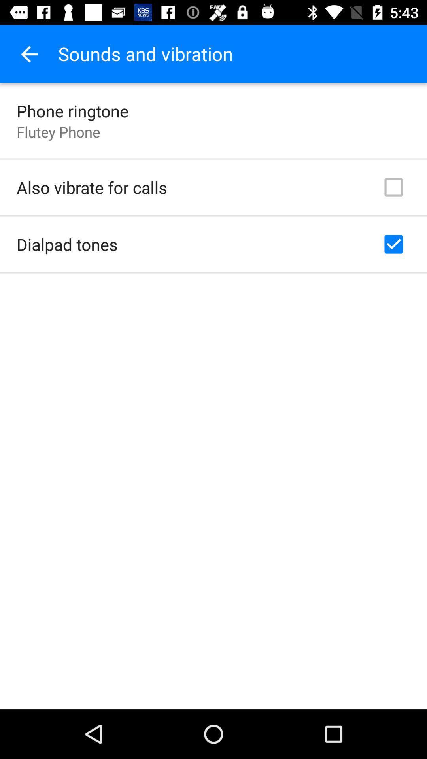 This screenshot has width=427, height=759. I want to click on the phone ringtone icon, so click(72, 110).